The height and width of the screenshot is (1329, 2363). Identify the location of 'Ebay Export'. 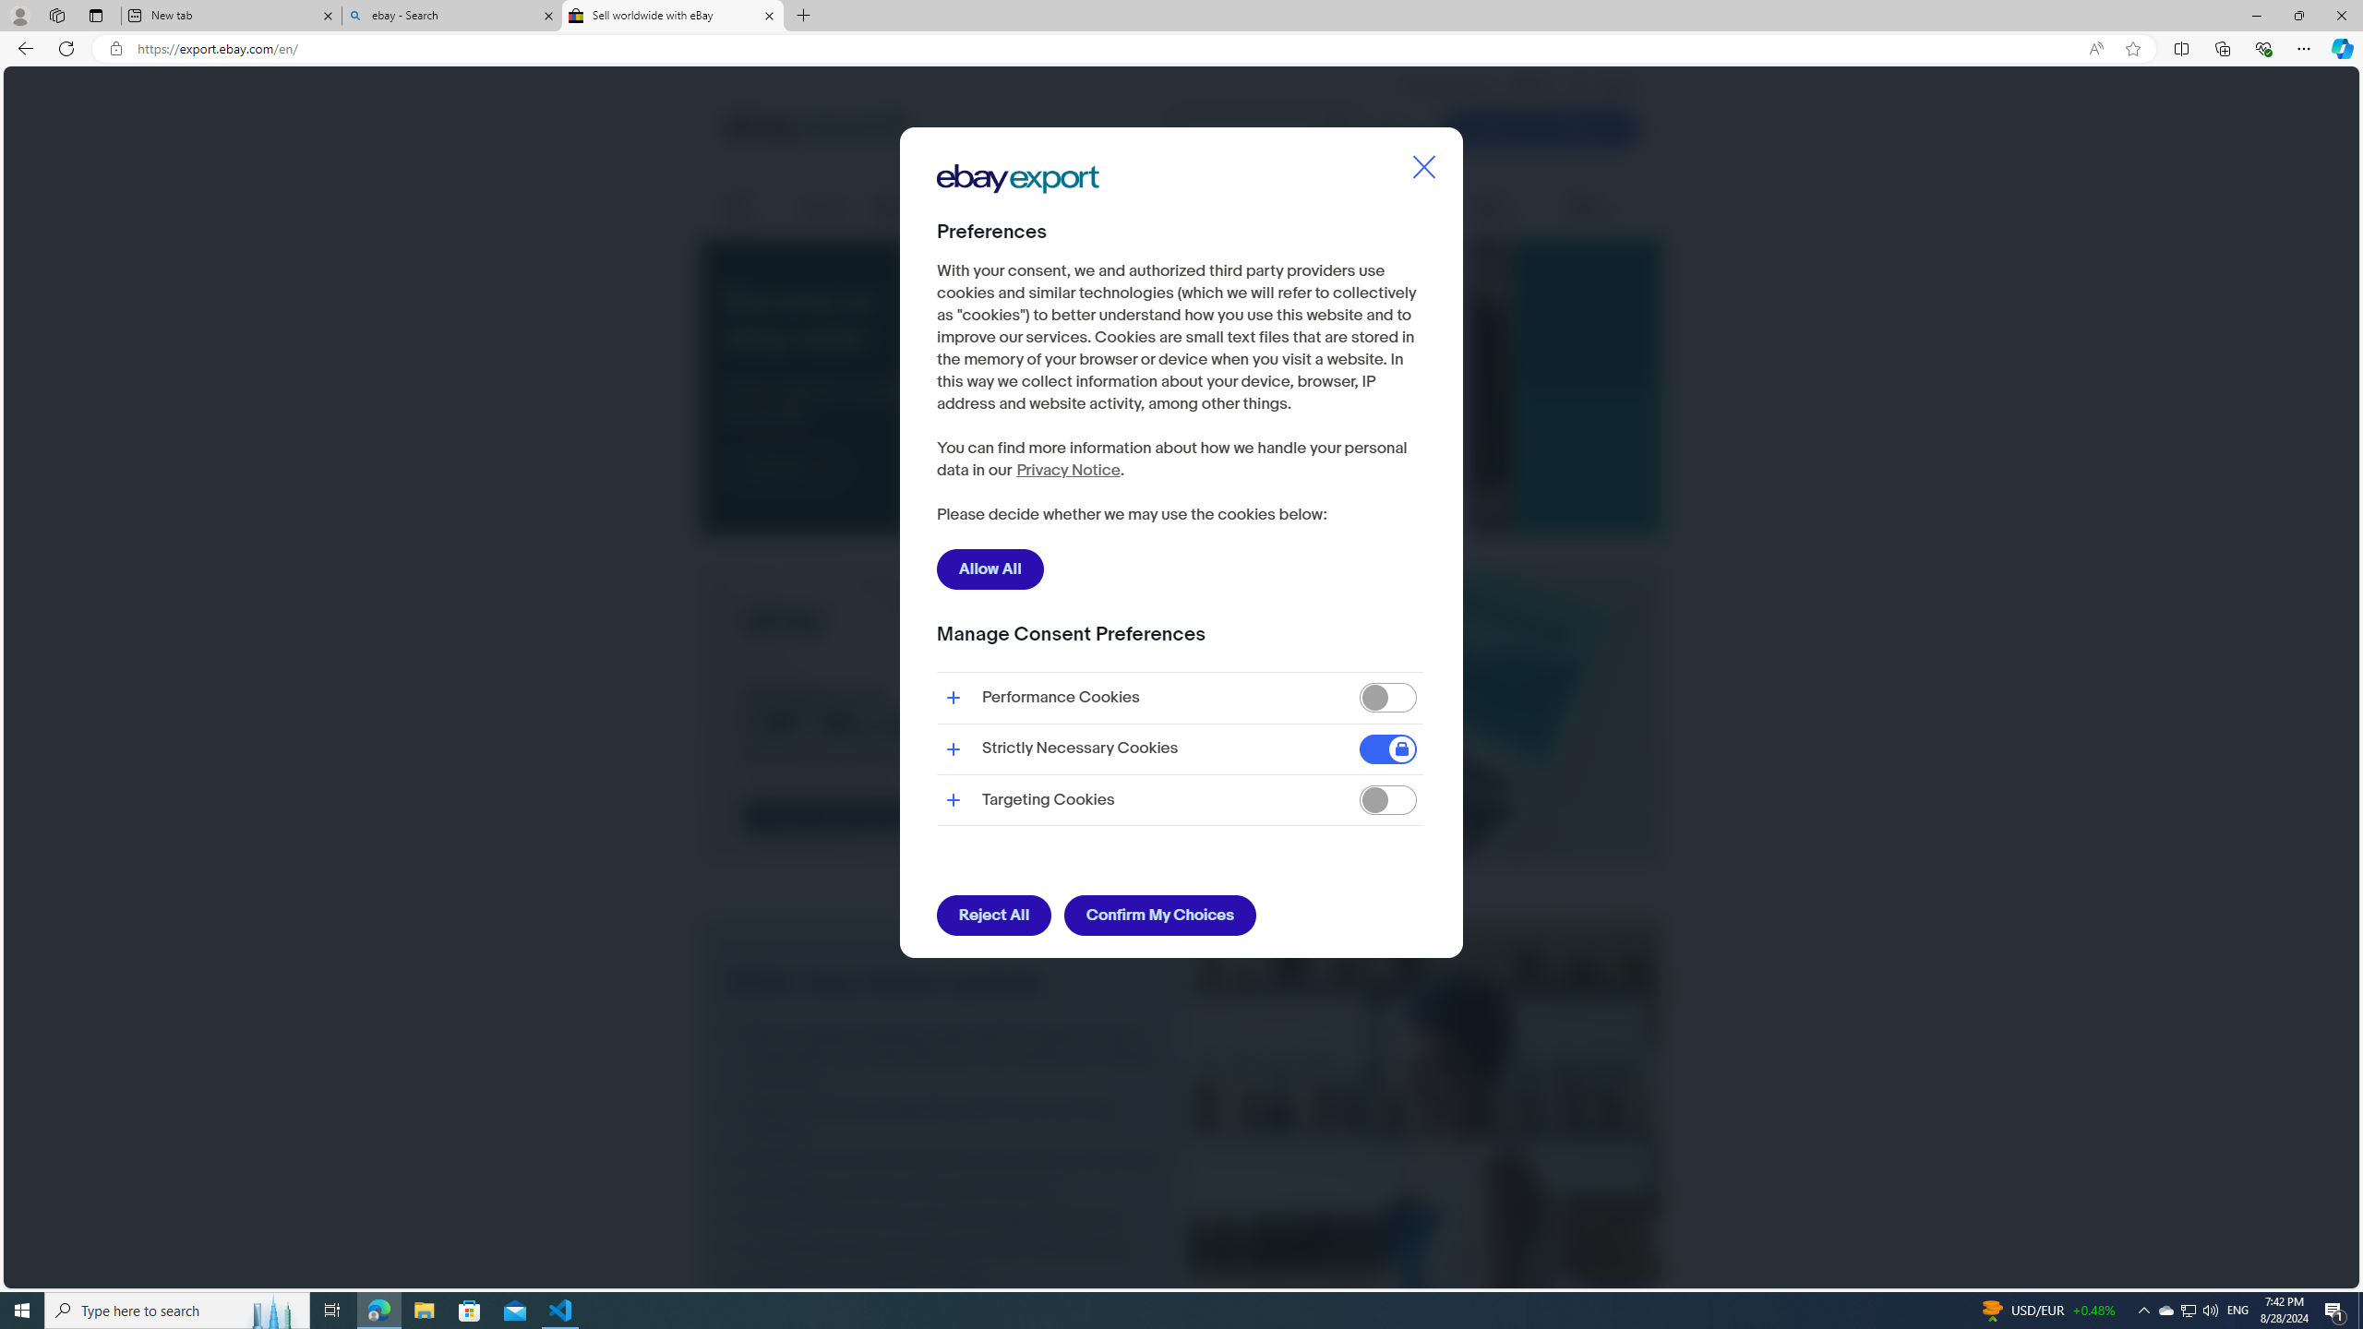
(1023, 236).